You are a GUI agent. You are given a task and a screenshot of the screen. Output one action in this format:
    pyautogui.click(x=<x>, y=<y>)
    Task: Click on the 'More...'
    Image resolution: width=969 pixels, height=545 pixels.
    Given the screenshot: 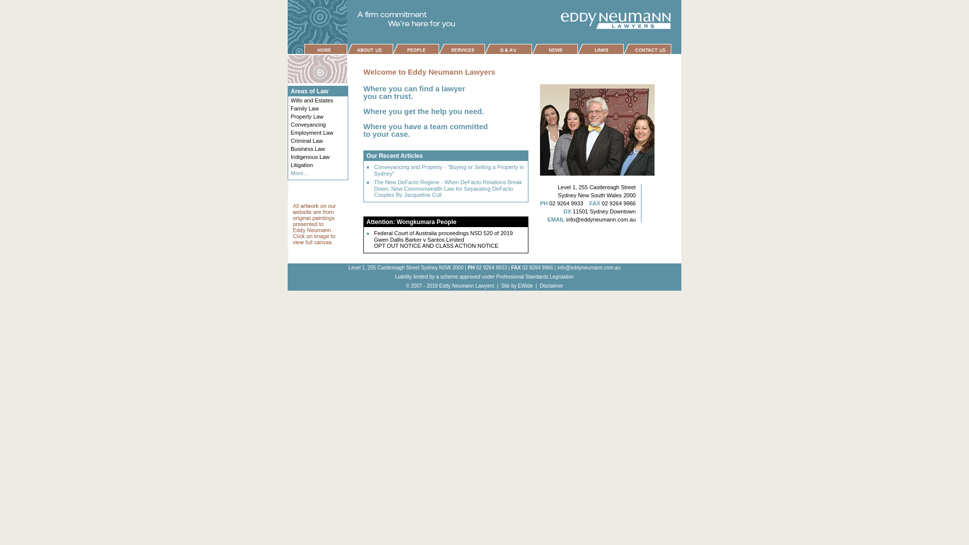 What is the action you would take?
    pyautogui.click(x=299, y=173)
    